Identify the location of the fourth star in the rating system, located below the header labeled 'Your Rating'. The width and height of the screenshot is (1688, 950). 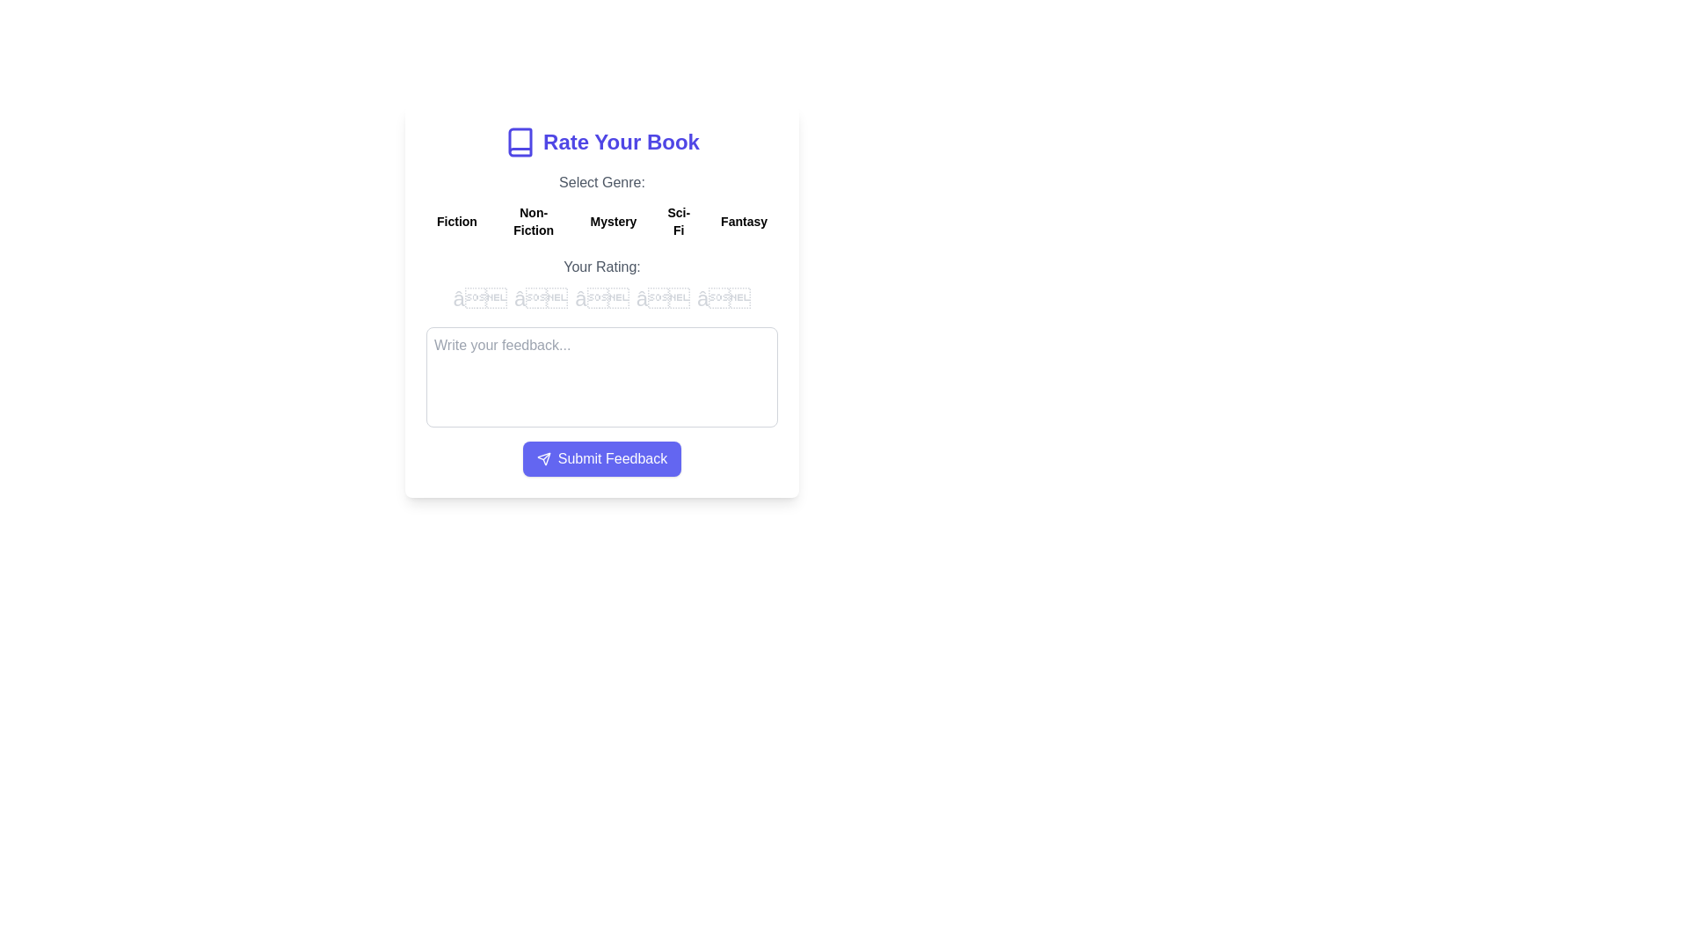
(662, 297).